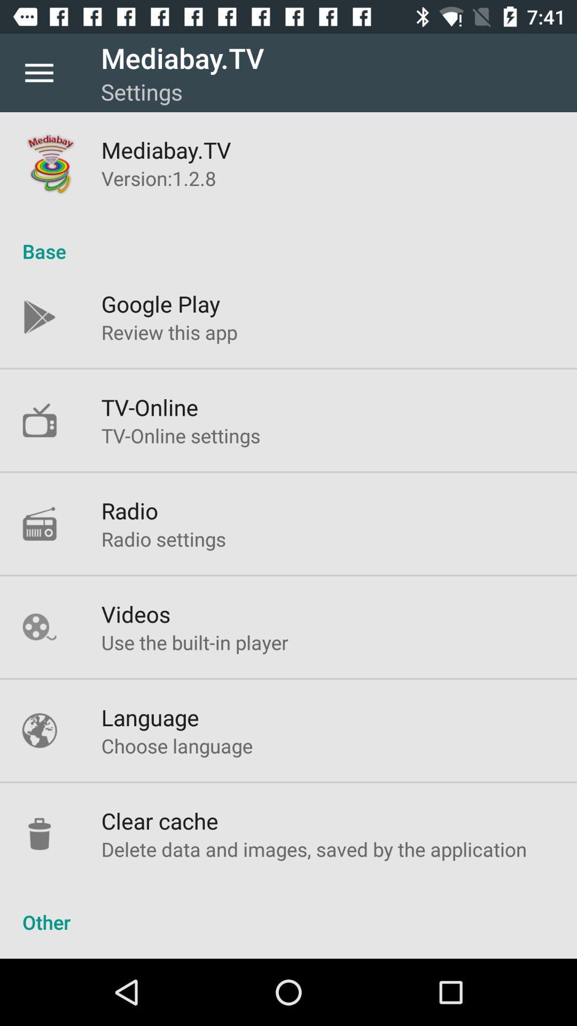 The width and height of the screenshot is (577, 1026). What do you see at coordinates (161, 303) in the screenshot?
I see `the icon below base` at bounding box center [161, 303].